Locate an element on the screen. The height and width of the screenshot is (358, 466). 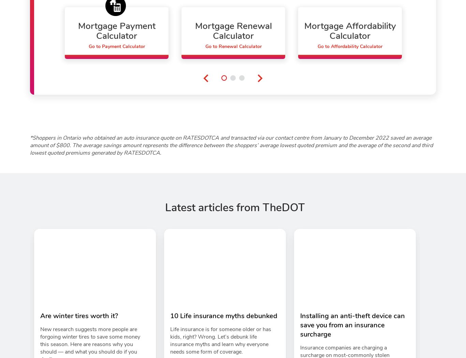
'*Shoppers in Ontario who obtained an auto insurance quote on RATESDOTCA and transacted via our contact centre from January to December 2022 saved an average amount of $800. The average savings amount represents the difference between the shoppers’ average lowest quoted premium and the average of the second and third lowest quoted premiums generated by RATESDOTCA.' is located at coordinates (30, 145).